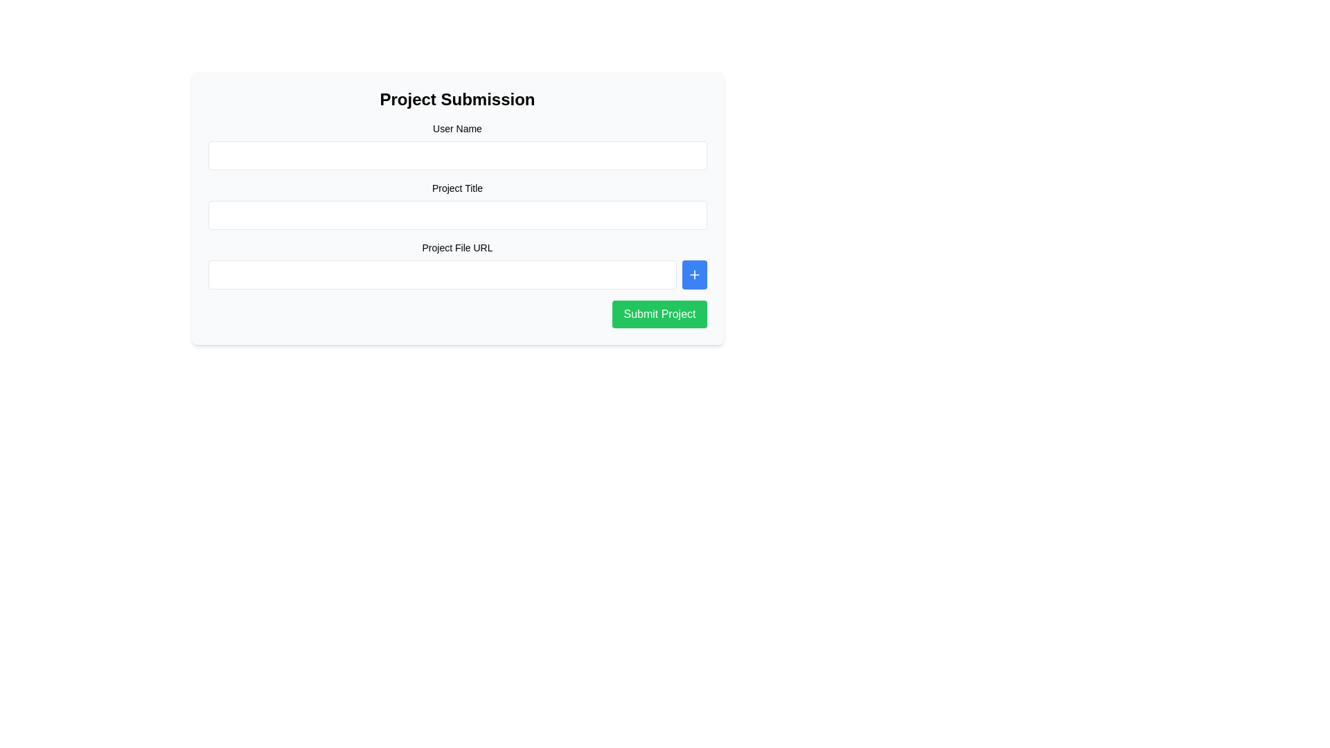  Describe the element at coordinates (694, 275) in the screenshot. I see `the add action icon located inside the square button to the right of the 'Project File URL' input field` at that location.